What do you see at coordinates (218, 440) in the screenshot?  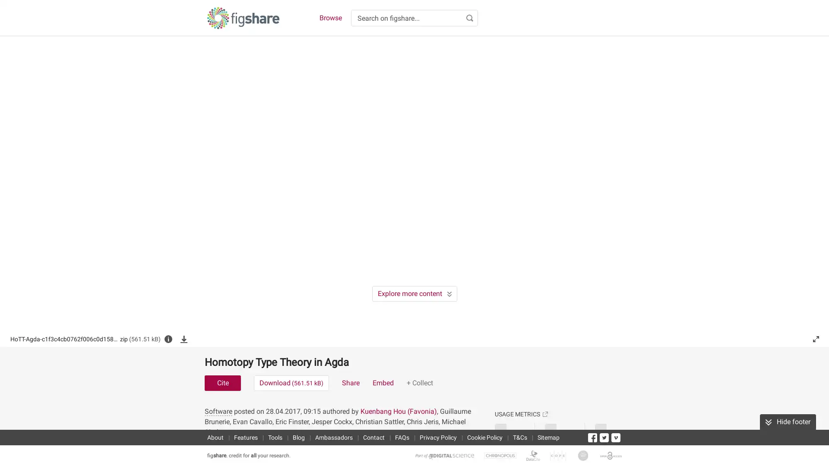 I see `Software` at bounding box center [218, 440].